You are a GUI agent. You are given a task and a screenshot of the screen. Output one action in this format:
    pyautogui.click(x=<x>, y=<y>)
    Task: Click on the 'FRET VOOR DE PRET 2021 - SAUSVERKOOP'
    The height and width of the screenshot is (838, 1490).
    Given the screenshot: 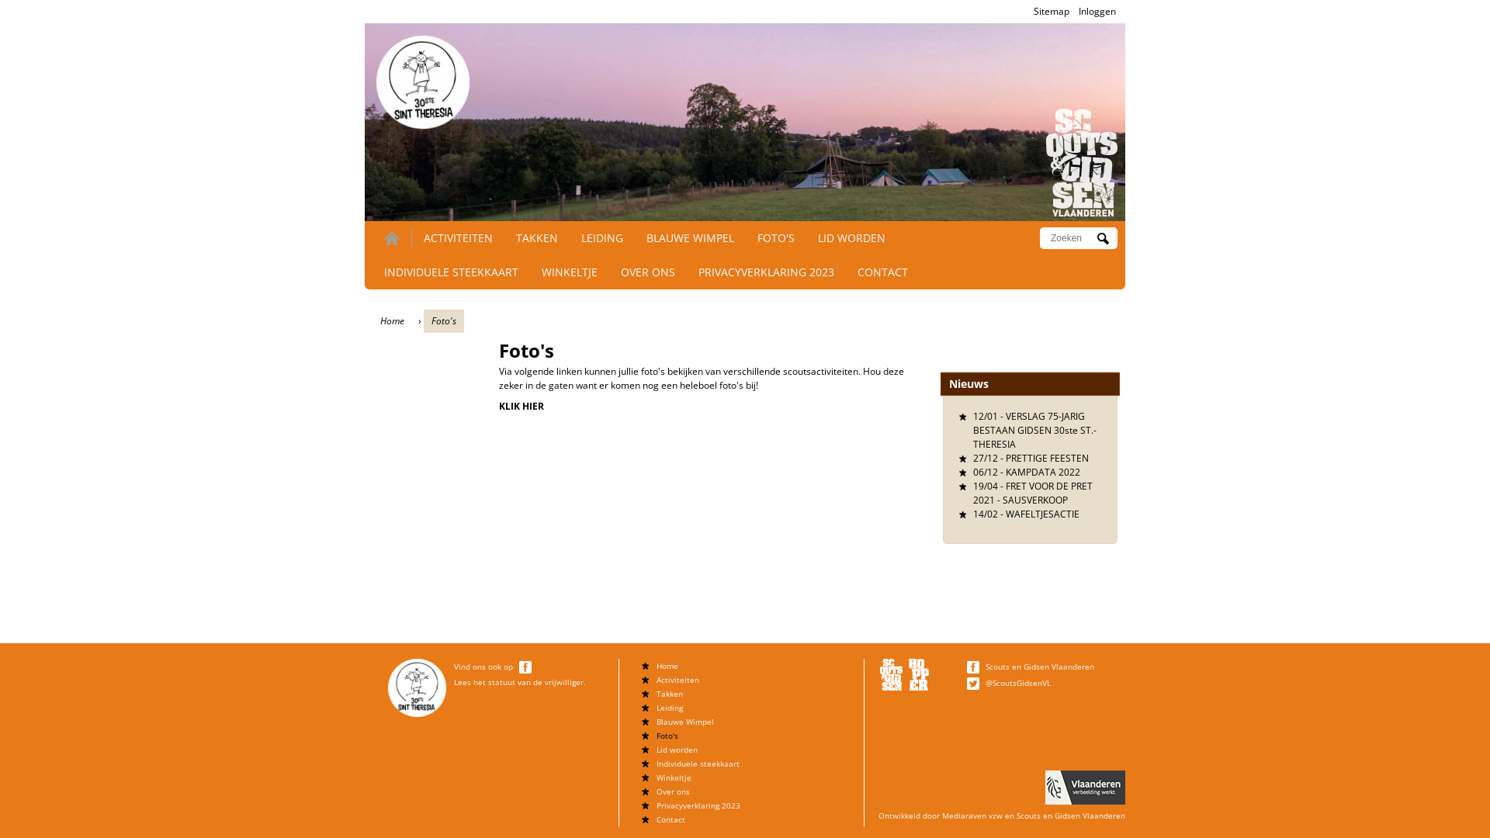 What is the action you would take?
    pyautogui.click(x=1032, y=493)
    